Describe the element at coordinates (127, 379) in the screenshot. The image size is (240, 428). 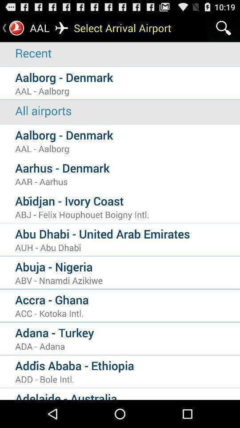
I see `the icon below addi s ababa icon` at that location.